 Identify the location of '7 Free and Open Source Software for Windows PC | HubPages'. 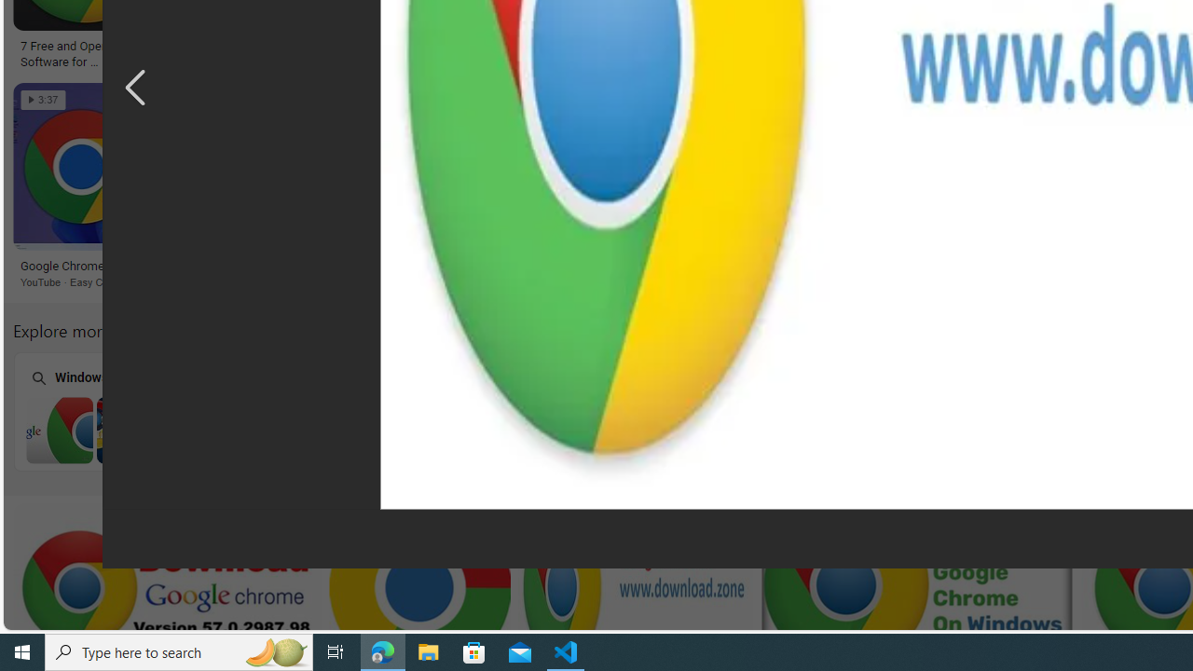
(84, 51).